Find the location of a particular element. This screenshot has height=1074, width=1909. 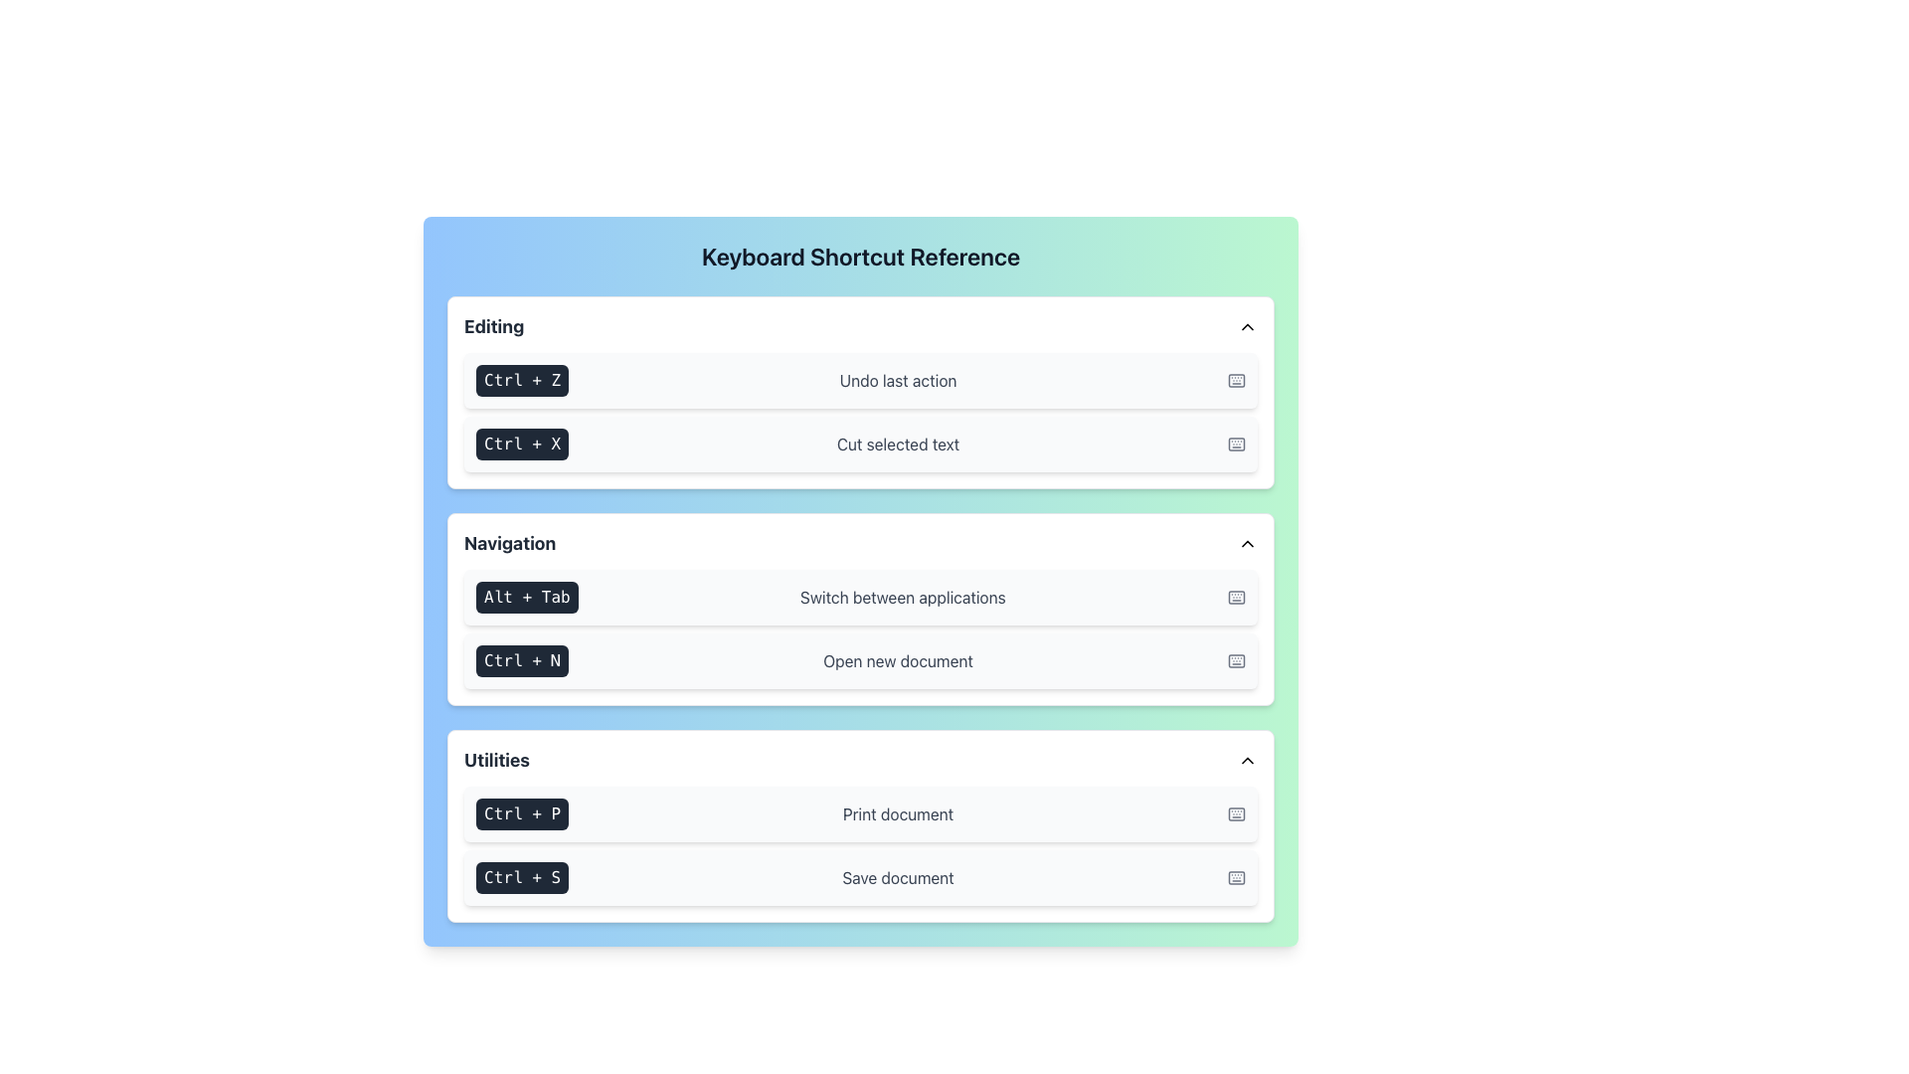

the Text label that describes the keyboard shortcut for 'Cut selected text' associated with 'Ctrl + X' in the 'Editing' section of the 'Keyboard Shortcut Reference' interface is located at coordinates (897, 444).